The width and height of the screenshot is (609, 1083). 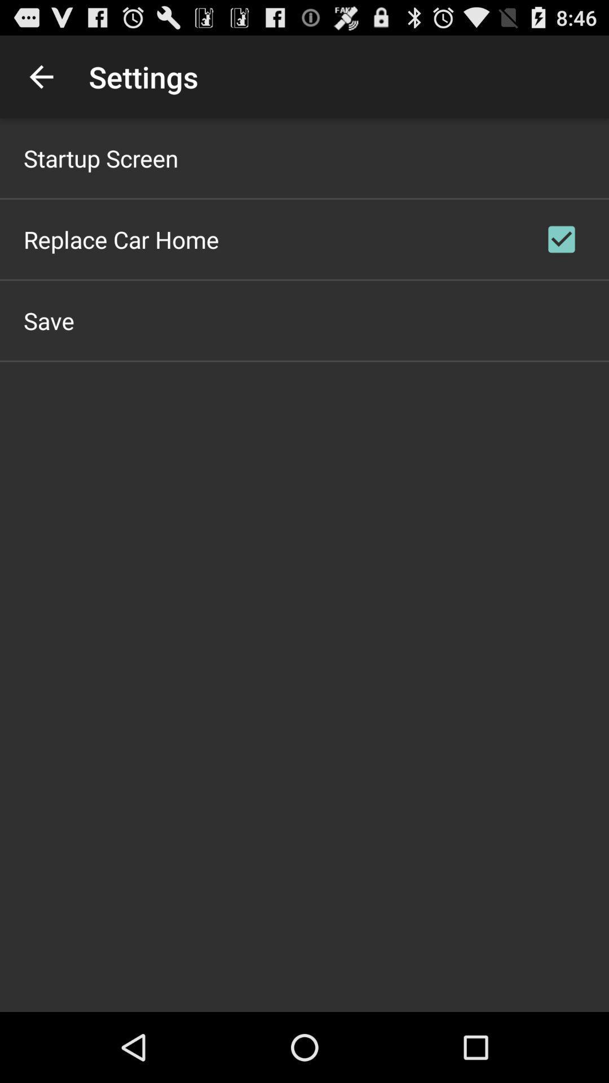 What do you see at coordinates (100, 157) in the screenshot?
I see `app above replace car home item` at bounding box center [100, 157].